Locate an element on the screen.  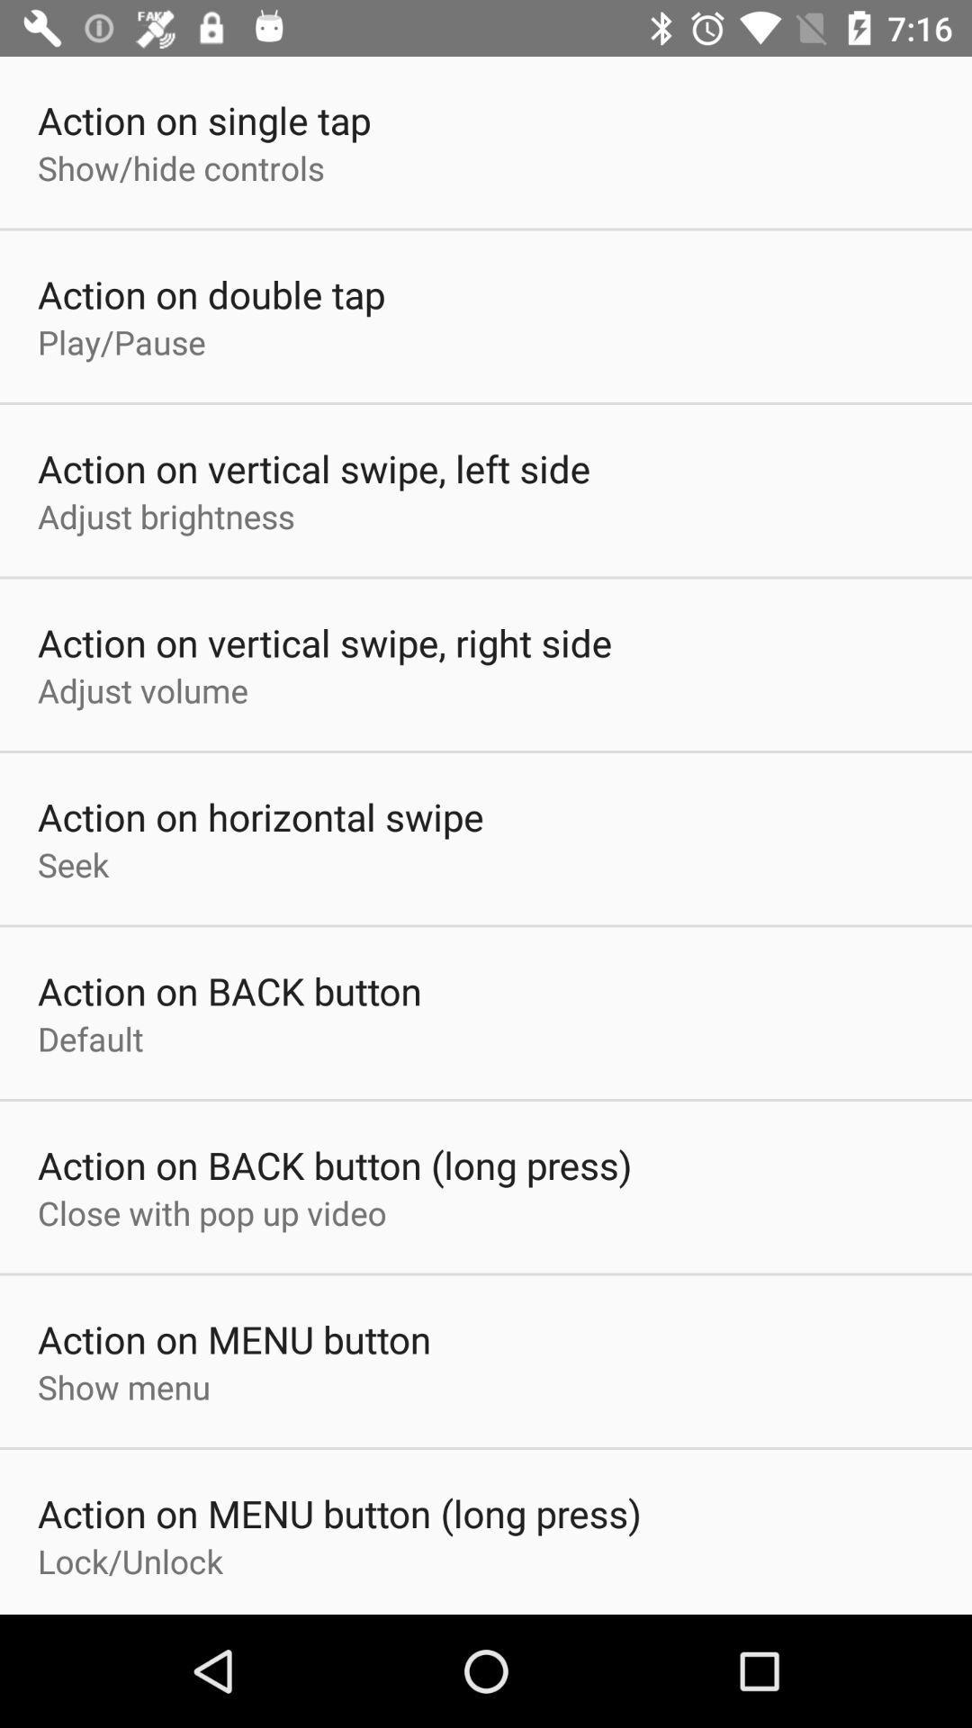
close with pop is located at coordinates (211, 1212).